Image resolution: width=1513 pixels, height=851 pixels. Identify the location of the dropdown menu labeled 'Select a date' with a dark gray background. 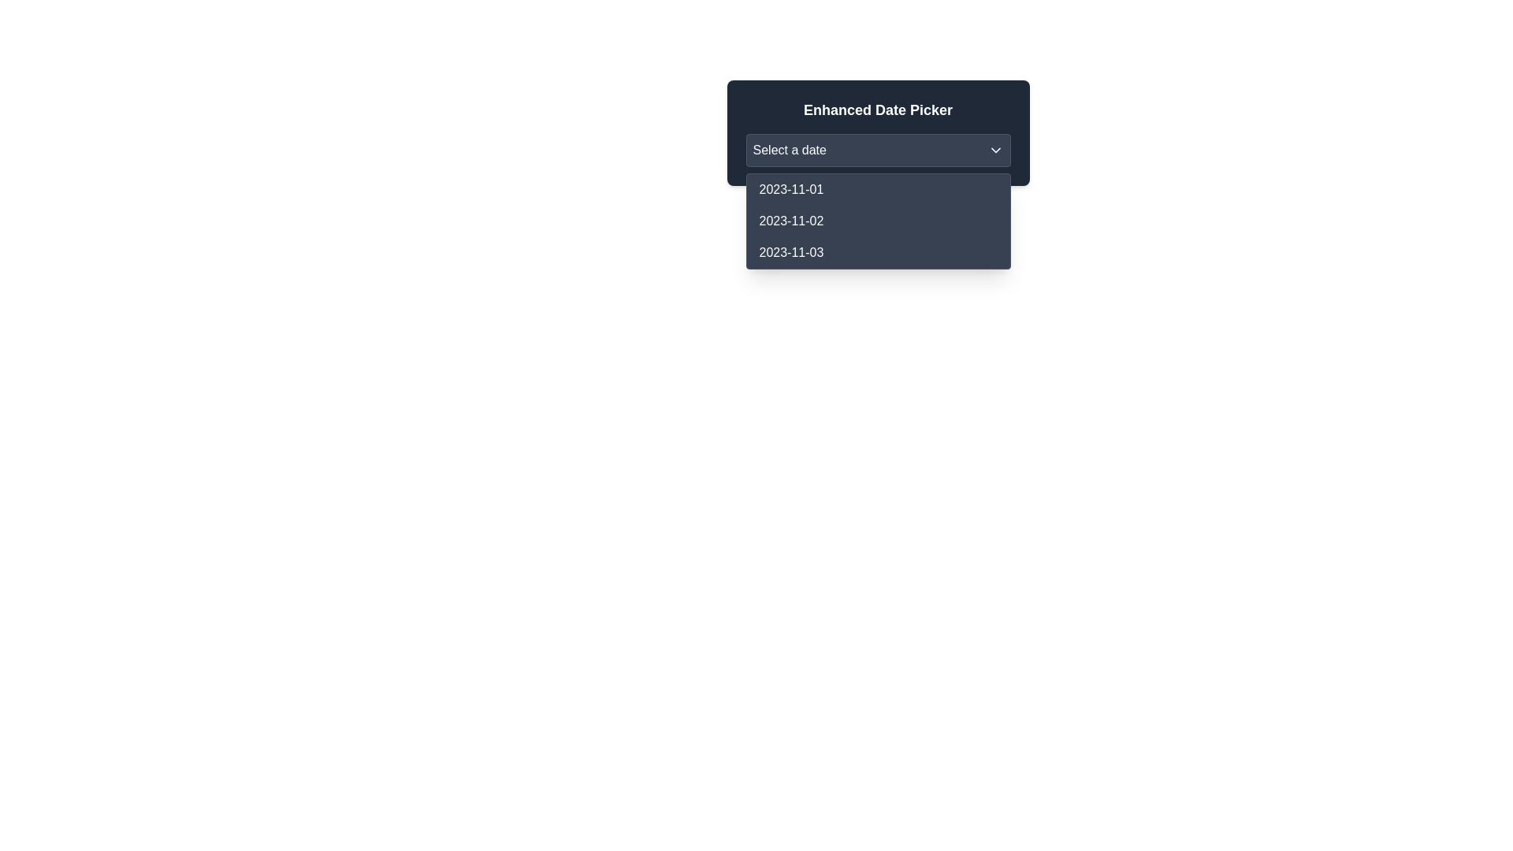
(877, 151).